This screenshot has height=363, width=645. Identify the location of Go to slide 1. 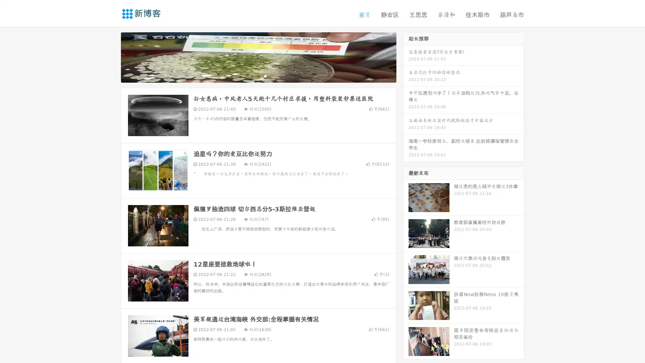
(251, 76).